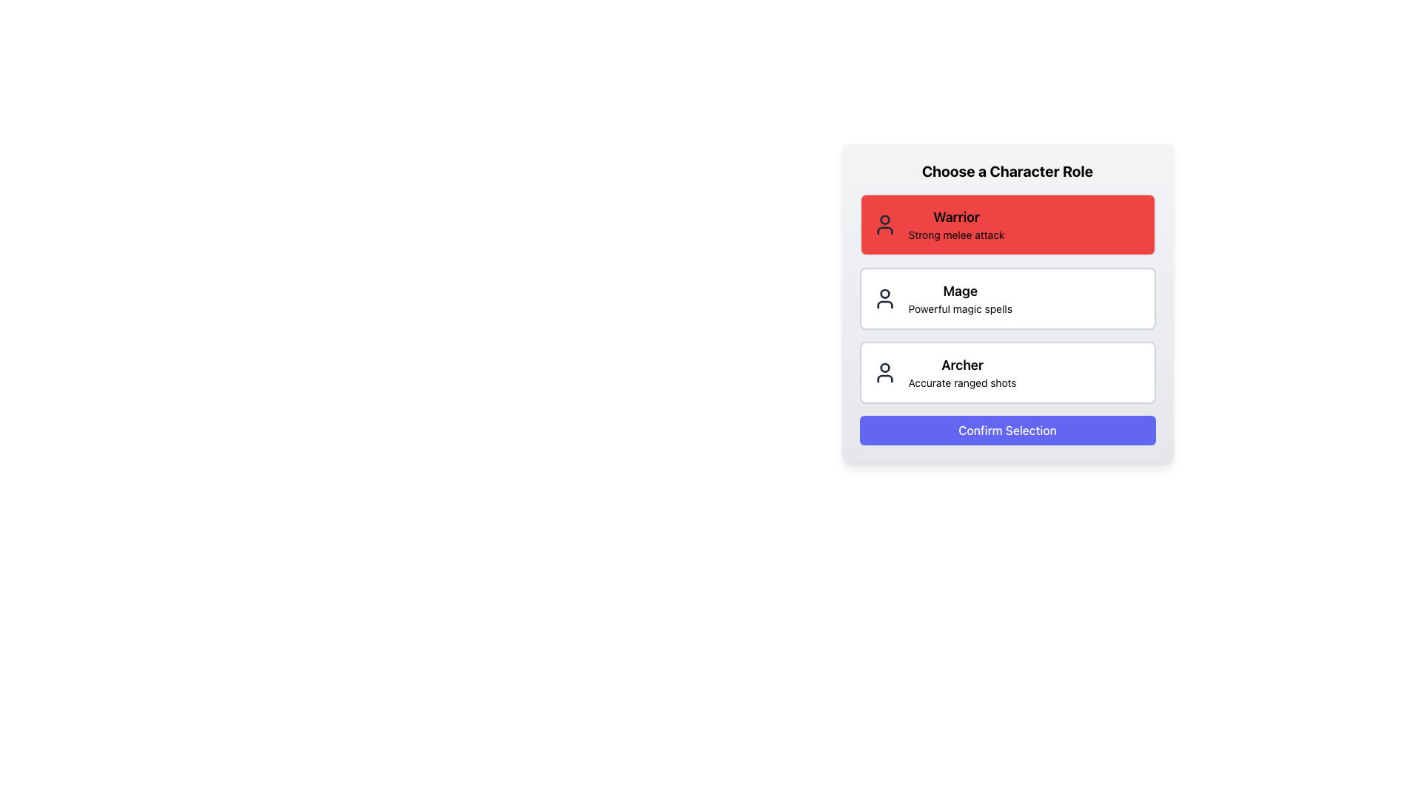 This screenshot has height=799, width=1421. What do you see at coordinates (884, 367) in the screenshot?
I see `the circular shape within the third user profile icon representing the 'Archer' role under the 'Choose a Character Role' heading` at bounding box center [884, 367].